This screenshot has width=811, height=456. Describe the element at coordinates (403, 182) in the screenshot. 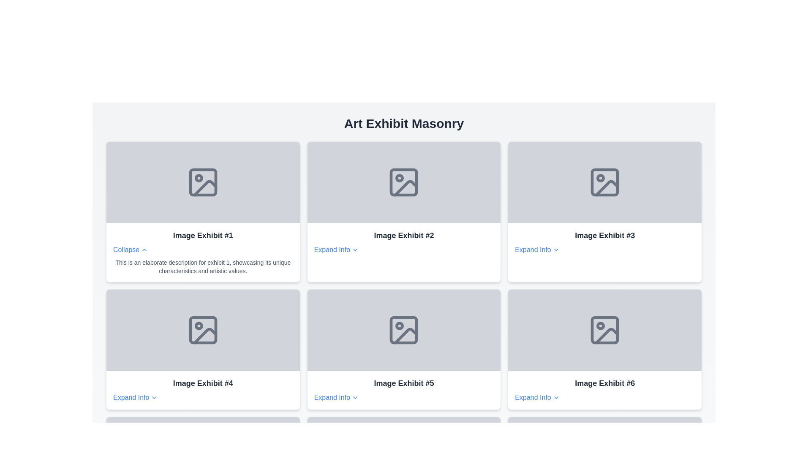

I see `assistive technology` at that location.